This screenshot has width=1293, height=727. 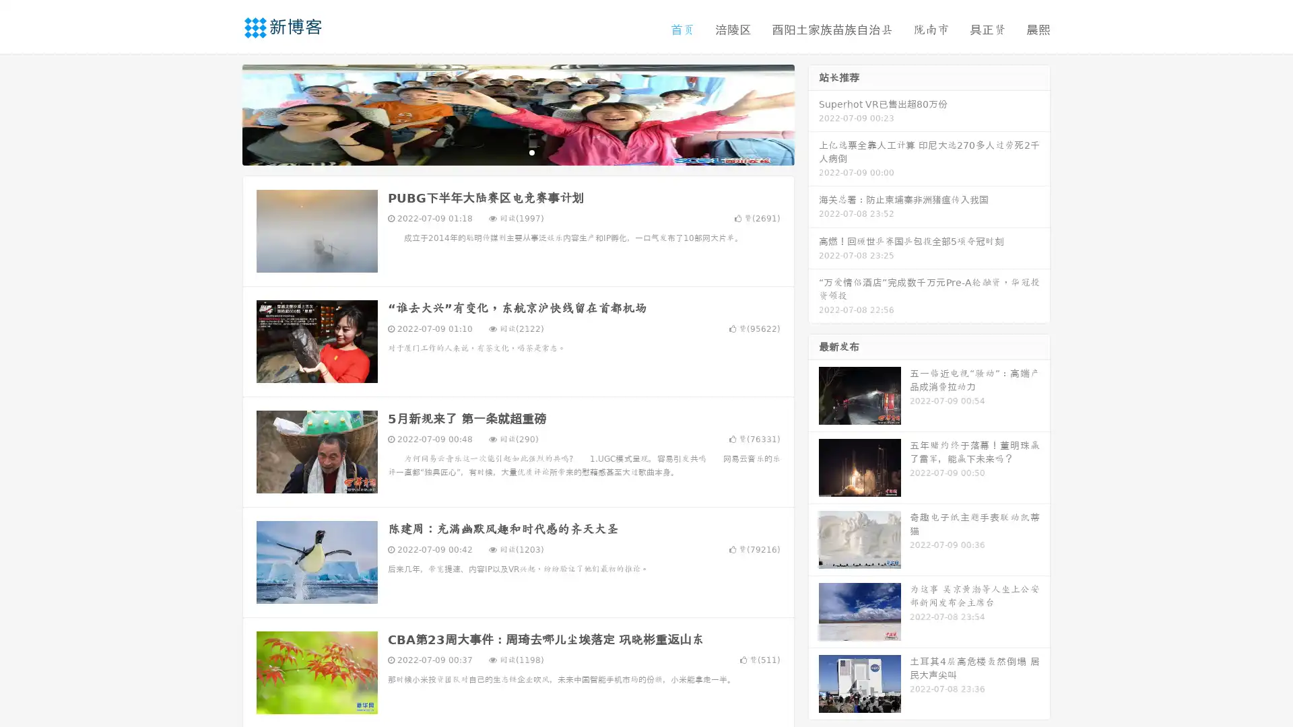 What do you see at coordinates (531, 151) in the screenshot?
I see `Go to slide 3` at bounding box center [531, 151].